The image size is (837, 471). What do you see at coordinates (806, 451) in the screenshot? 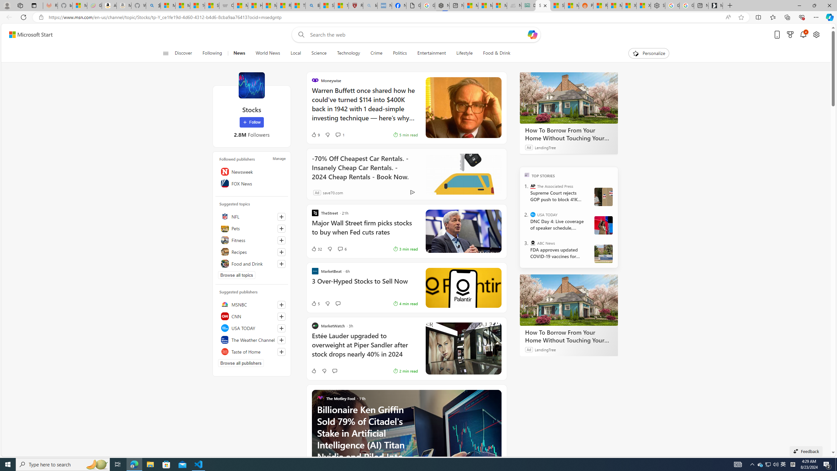
I see `'Feedback'` at bounding box center [806, 451].